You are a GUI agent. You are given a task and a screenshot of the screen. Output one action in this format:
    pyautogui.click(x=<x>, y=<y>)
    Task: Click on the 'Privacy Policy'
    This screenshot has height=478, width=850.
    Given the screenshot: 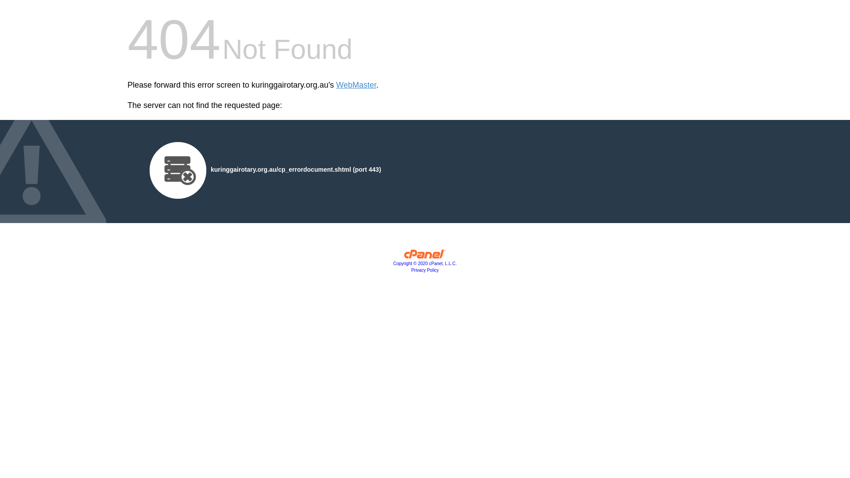 What is the action you would take?
    pyautogui.click(x=425, y=270)
    